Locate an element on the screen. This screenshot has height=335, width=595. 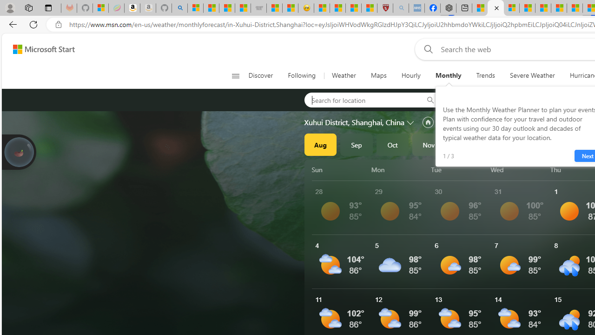
'Nov' is located at coordinates (428, 145).